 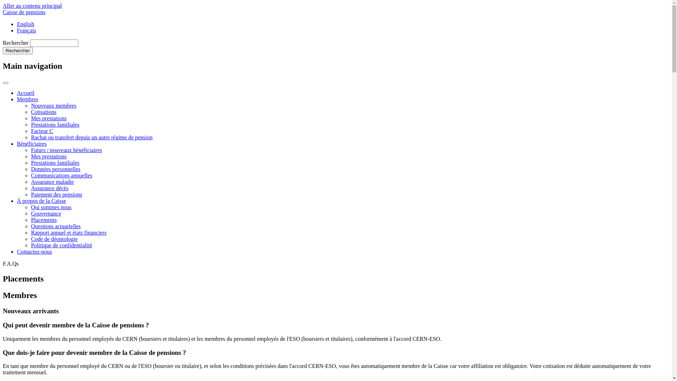 I want to click on 'Nouveaux membres', so click(x=53, y=105).